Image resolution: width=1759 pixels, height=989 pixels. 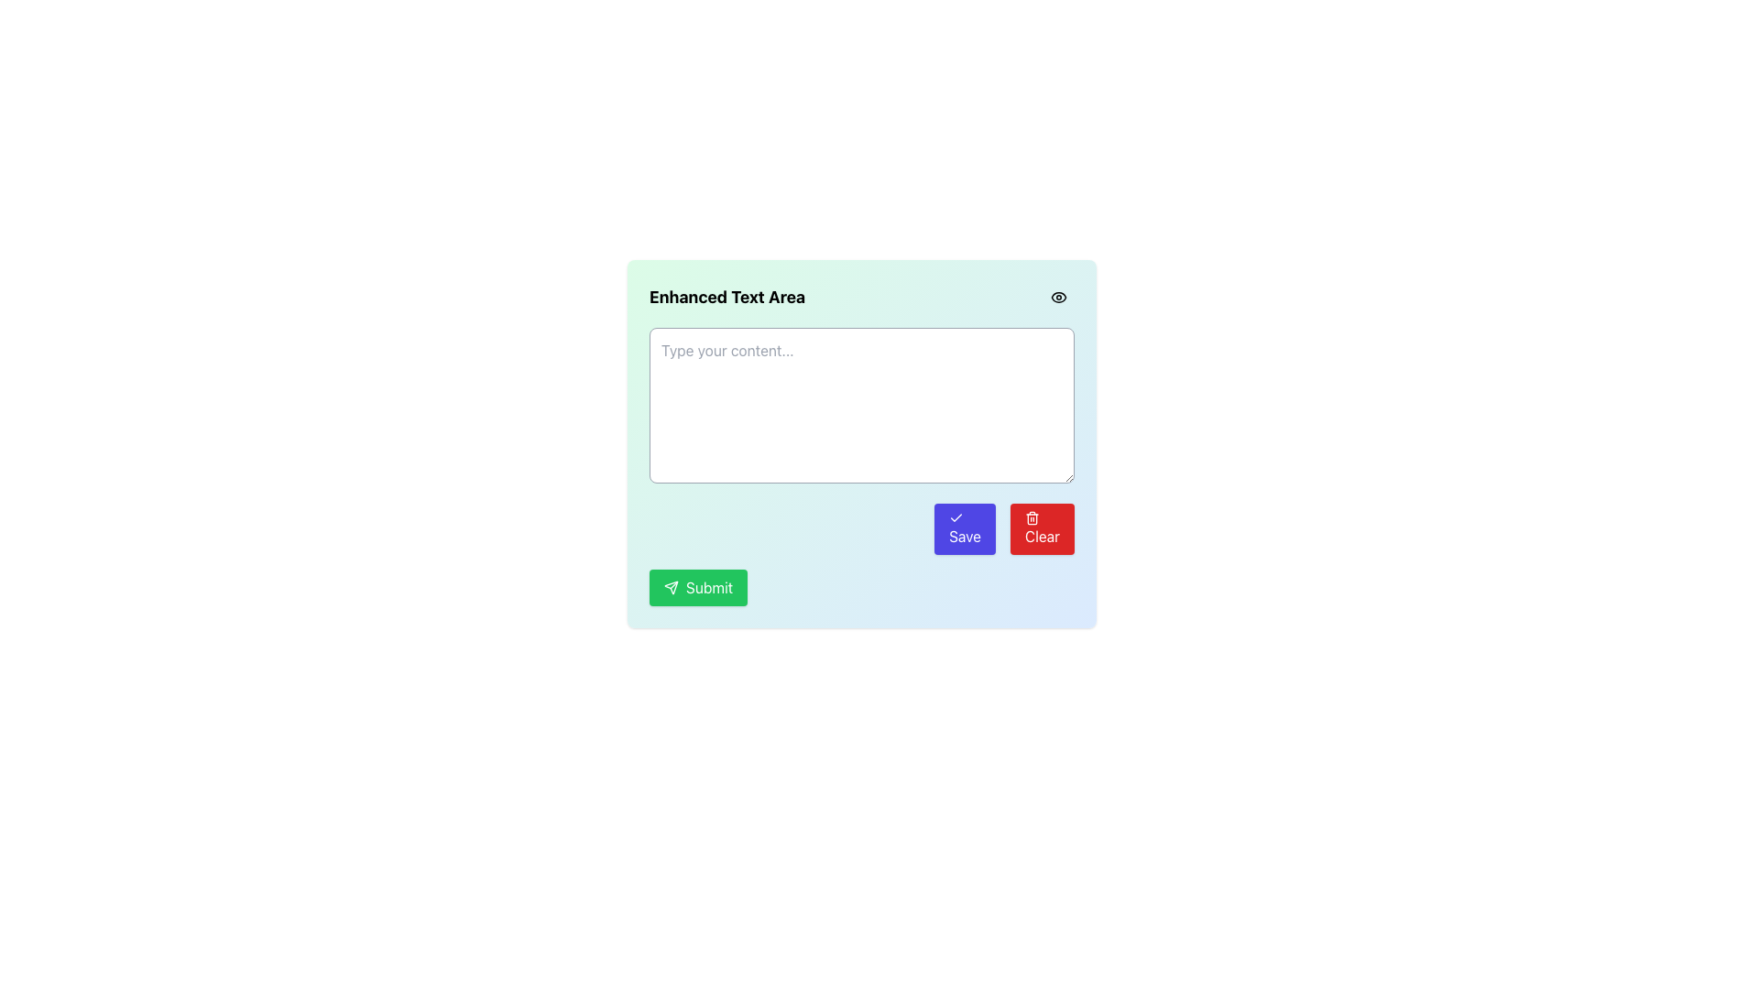 What do you see at coordinates (1032, 518) in the screenshot?
I see `the 'Clear' button icon, which indicates the function to clear or delete input or content, located at the bottom-right corner of the UI card` at bounding box center [1032, 518].